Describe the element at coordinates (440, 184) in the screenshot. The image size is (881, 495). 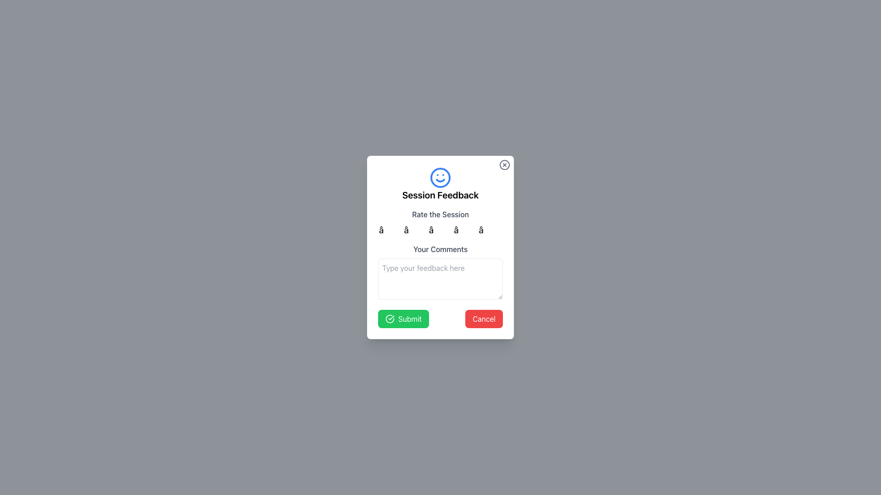
I see `the title text label of the feedback dialog box, which is positioned near the top center, directly beneath a smiley icon and above the 'Rate the Session' section` at that location.